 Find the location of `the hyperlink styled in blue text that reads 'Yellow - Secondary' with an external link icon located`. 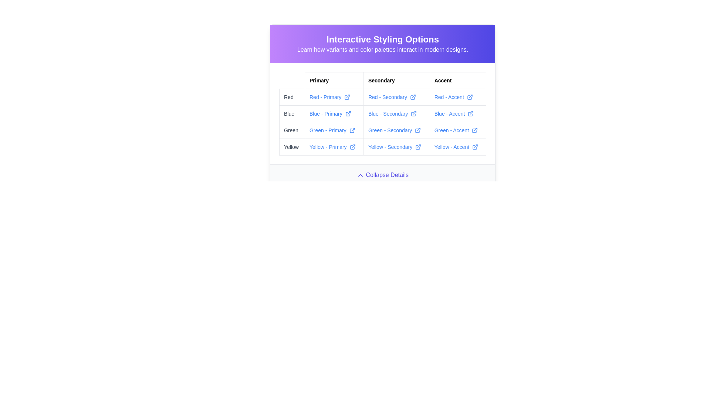

the hyperlink styled in blue text that reads 'Yellow - Secondary' with an external link icon located is located at coordinates (394, 147).